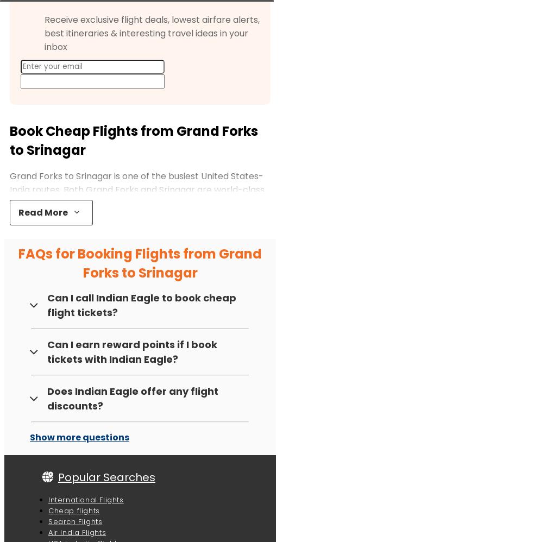 The height and width of the screenshot is (542, 553). Describe the element at coordinates (140, 262) in the screenshot. I see `'FAQs for Booking Flights from Grand Forks to Srinagar'` at that location.